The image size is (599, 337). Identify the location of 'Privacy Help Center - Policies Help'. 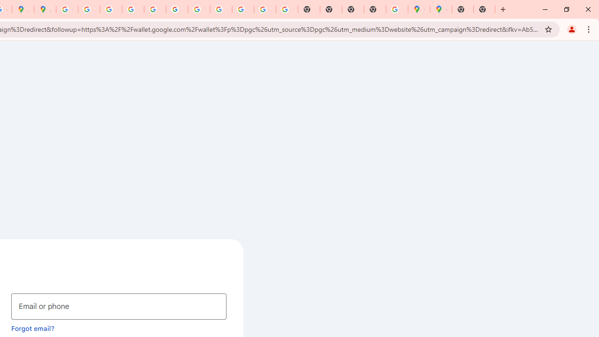
(132, 9).